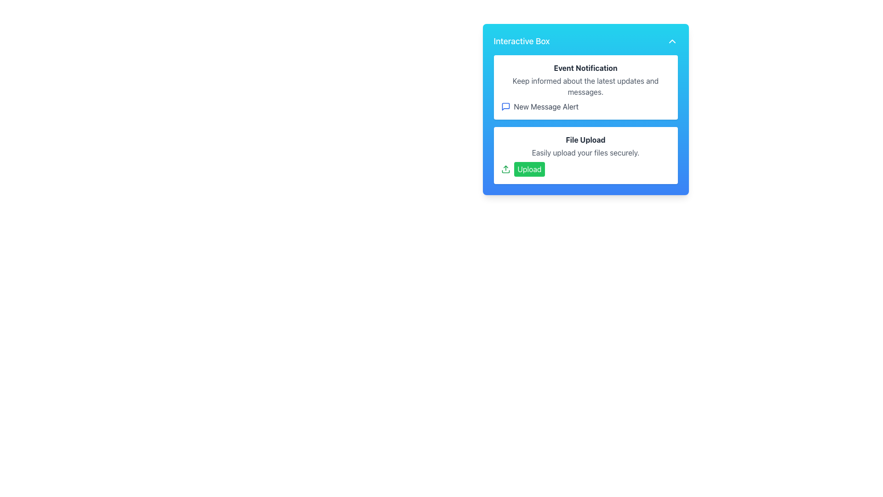 Image resolution: width=883 pixels, height=497 pixels. What do you see at coordinates (585, 152) in the screenshot?
I see `the static text label that reads 'Easily upload your files securely.' positioned below the title 'File Upload'` at bounding box center [585, 152].